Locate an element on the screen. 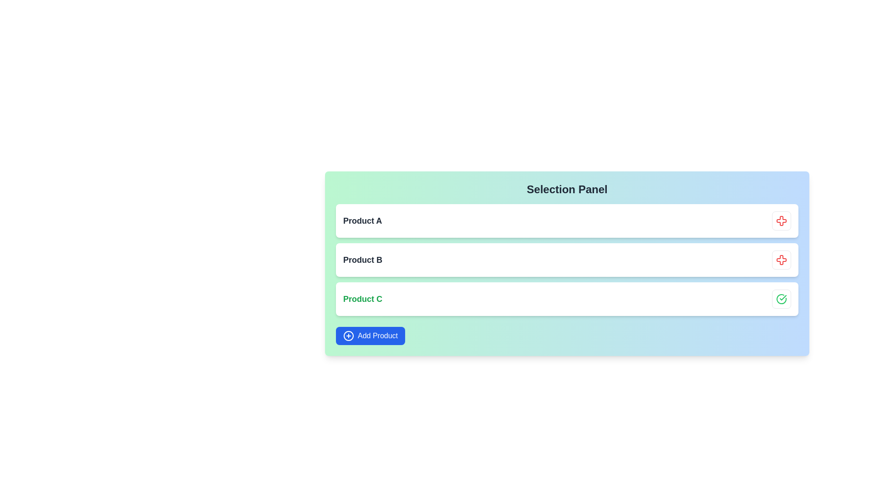 The height and width of the screenshot is (491, 874). the removal button with a red cross icon located in the top-right corner of the 'Product A' item is located at coordinates (781, 221).